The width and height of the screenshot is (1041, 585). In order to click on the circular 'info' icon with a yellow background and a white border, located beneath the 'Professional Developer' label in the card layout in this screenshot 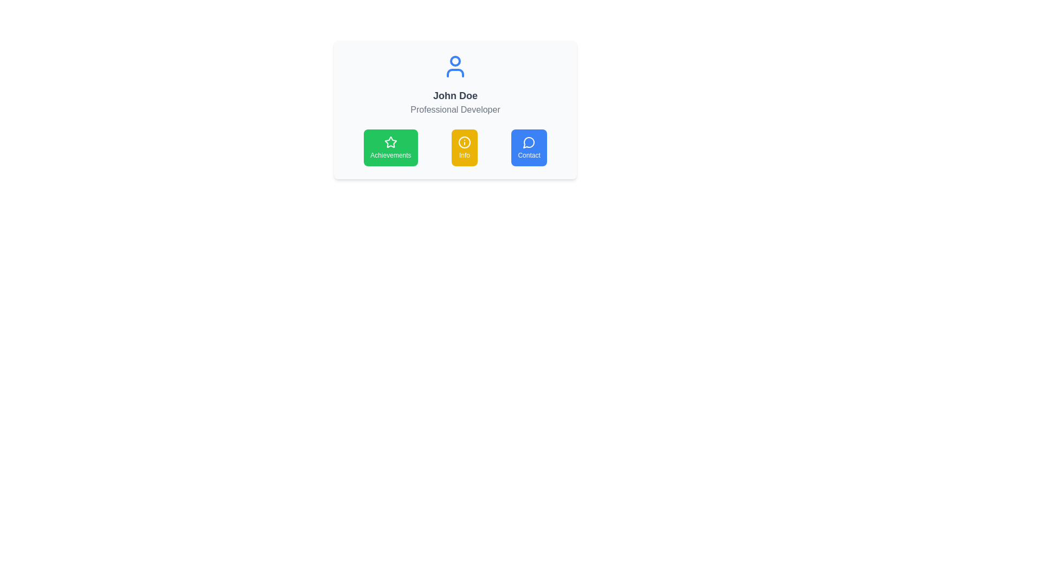, I will do `click(465, 141)`.